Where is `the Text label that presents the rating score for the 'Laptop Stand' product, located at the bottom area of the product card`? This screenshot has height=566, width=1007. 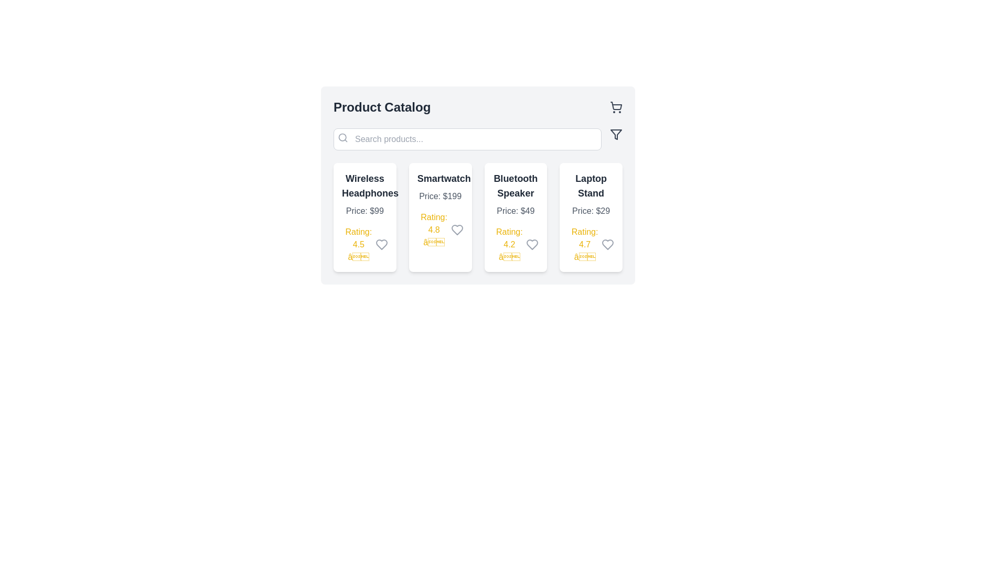 the Text label that presents the rating score for the 'Laptop Stand' product, located at the bottom area of the product card is located at coordinates (584, 244).